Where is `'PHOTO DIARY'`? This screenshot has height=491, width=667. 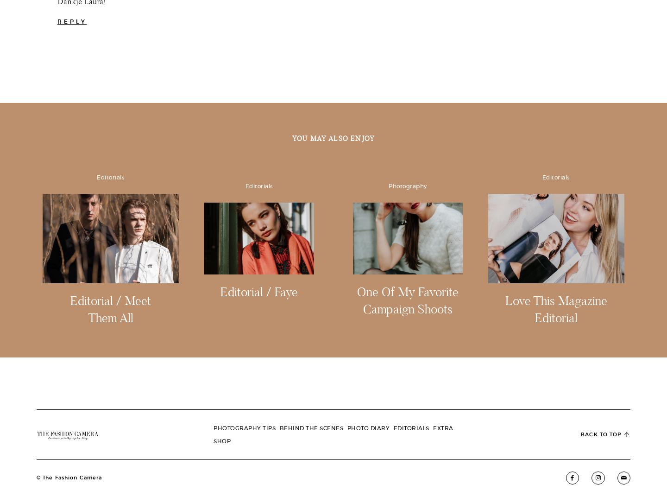
'PHOTO DIARY' is located at coordinates (368, 427).